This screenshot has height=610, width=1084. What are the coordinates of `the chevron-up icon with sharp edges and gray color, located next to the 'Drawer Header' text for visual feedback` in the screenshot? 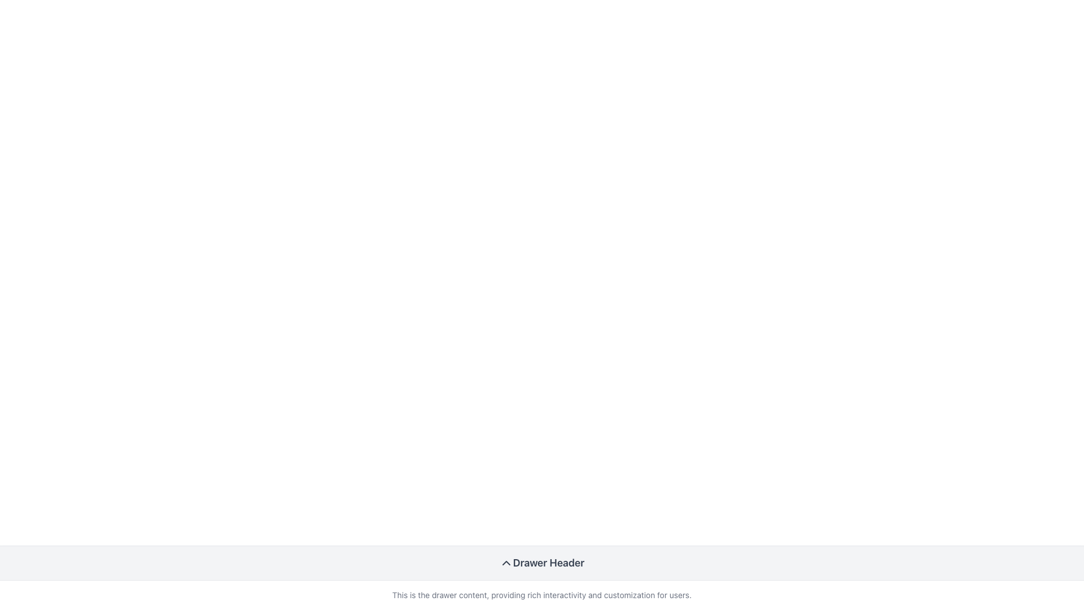 It's located at (505, 563).